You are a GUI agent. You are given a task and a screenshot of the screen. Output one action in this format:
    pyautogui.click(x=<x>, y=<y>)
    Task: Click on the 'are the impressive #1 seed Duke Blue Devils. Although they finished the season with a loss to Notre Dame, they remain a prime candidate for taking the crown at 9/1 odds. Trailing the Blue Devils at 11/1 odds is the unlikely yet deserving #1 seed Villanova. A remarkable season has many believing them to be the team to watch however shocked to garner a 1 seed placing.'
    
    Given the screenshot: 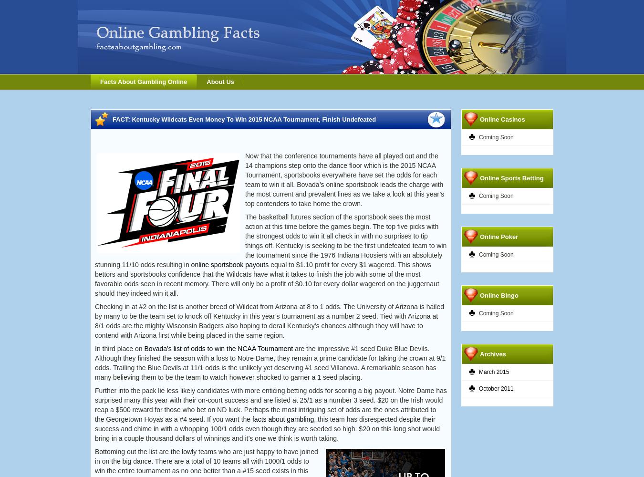 What is the action you would take?
    pyautogui.click(x=94, y=363)
    